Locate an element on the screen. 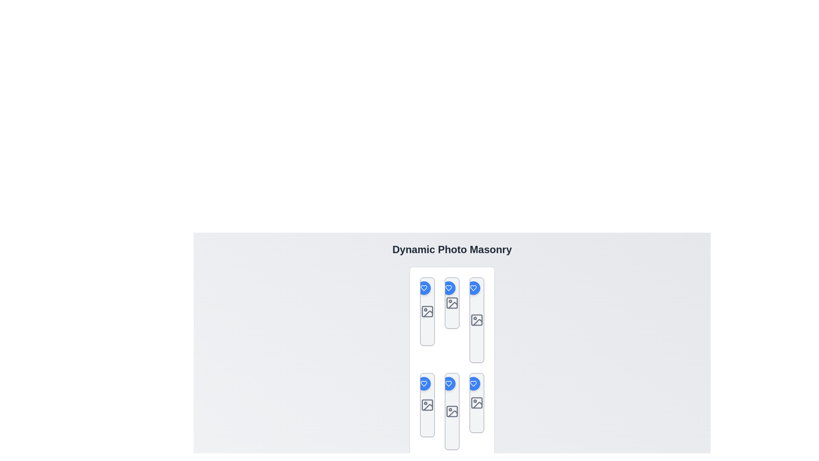  the heart icon in the middle row of the second column is located at coordinates (448, 383).